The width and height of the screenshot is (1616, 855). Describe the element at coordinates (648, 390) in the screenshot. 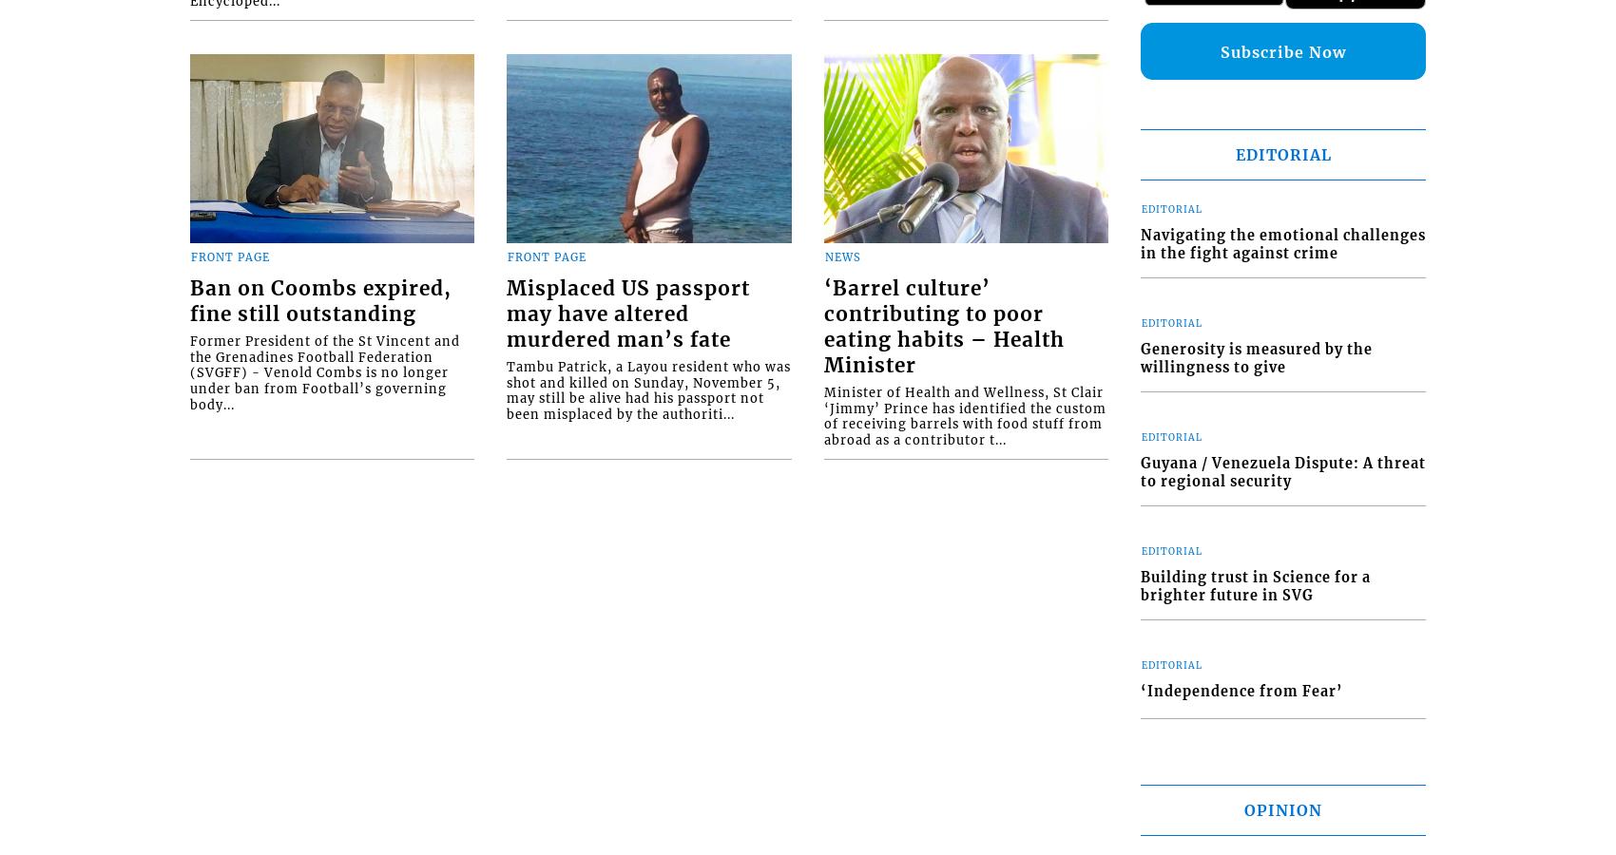

I see `'Tambu Patrick, a Layou resident who was shot and killed on Sunday, November 5, may still be alive had his passport not been misplaced by the authoriti...'` at that location.